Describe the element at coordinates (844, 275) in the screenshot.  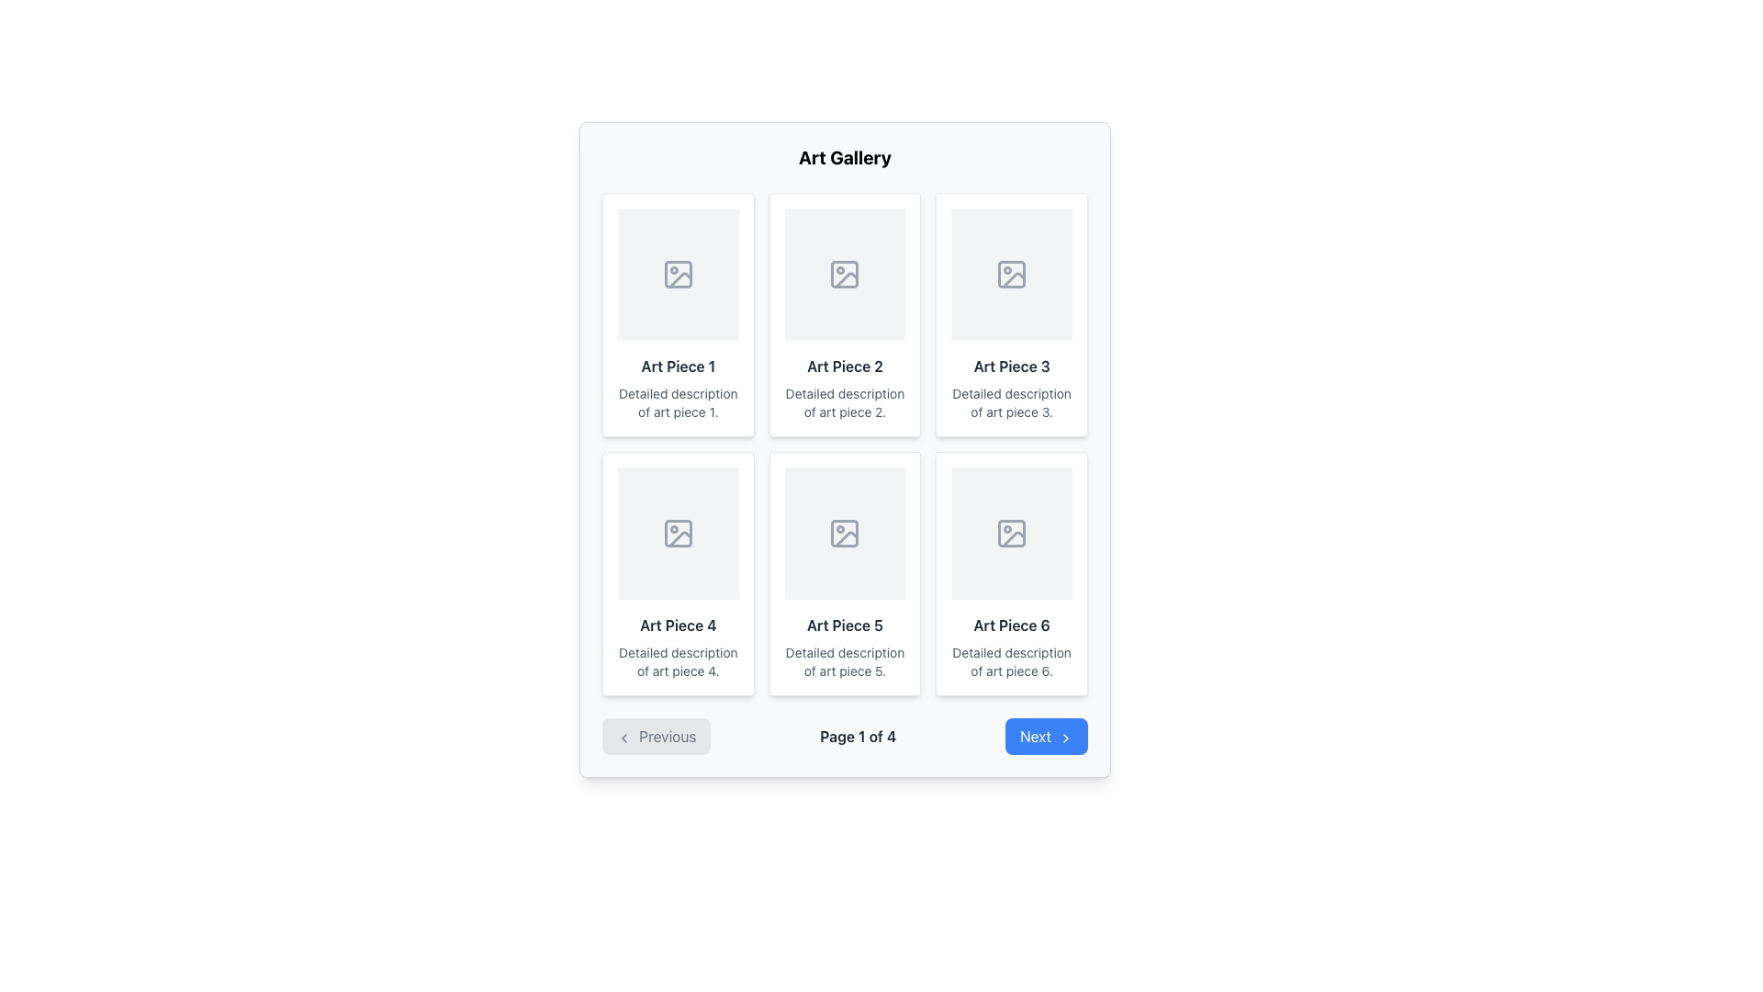
I see `the light gray rounded square icon within the 'Art Piece 2' SVG icon located in the top-left corner of the frame` at that location.